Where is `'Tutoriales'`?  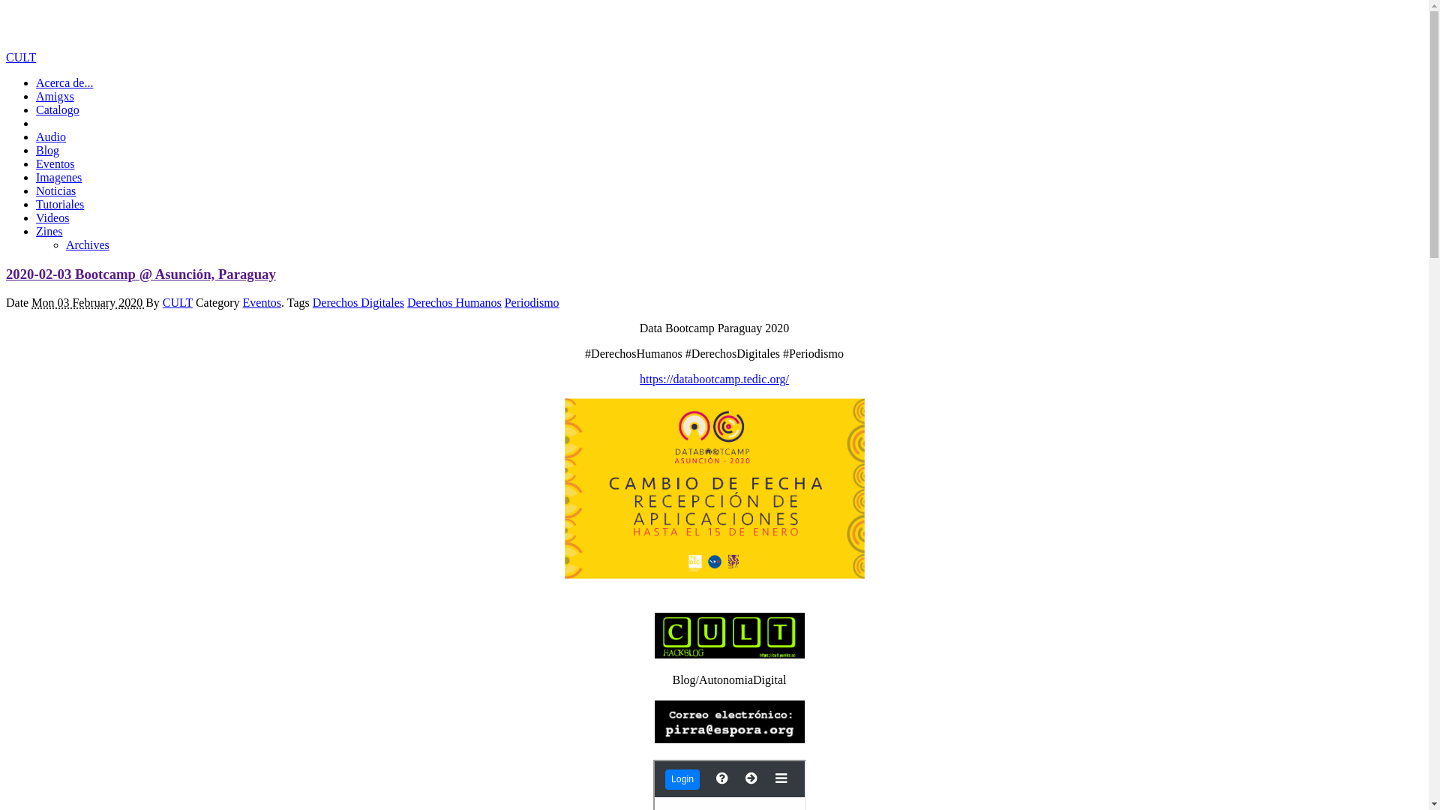
'Tutoriales' is located at coordinates (60, 204).